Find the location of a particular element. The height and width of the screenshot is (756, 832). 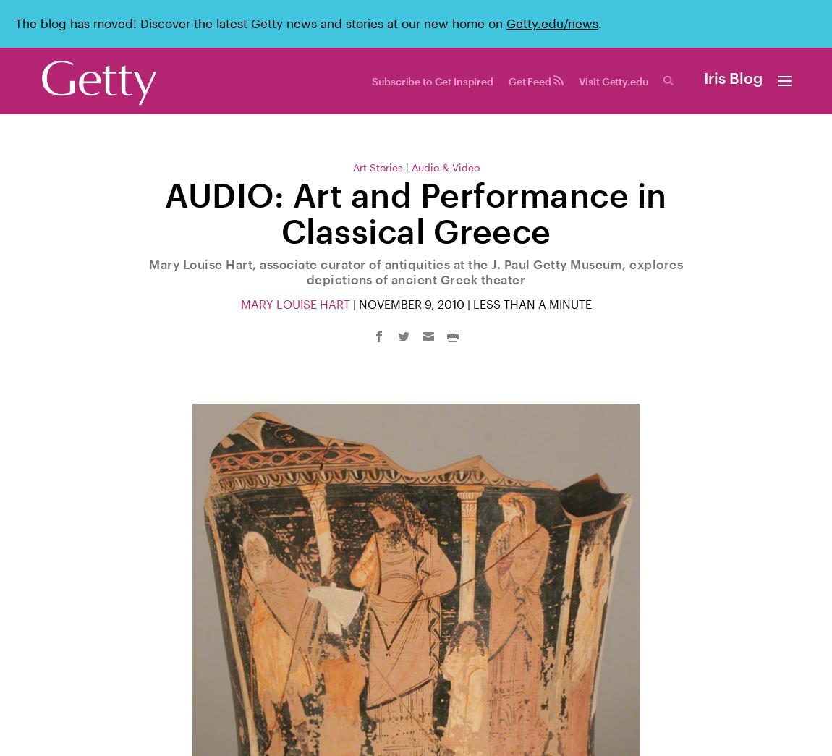

'The blog has moved! Discover the latest Getty news and stories at our new home on' is located at coordinates (260, 22).